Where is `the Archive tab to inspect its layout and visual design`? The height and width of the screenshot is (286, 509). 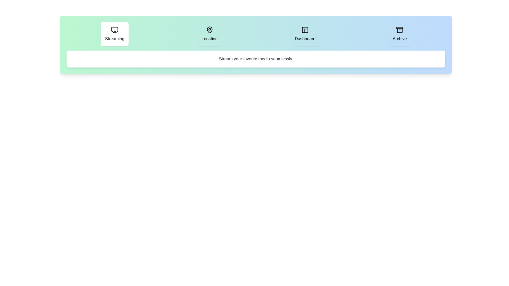
the Archive tab to inspect its layout and visual design is located at coordinates (400, 34).